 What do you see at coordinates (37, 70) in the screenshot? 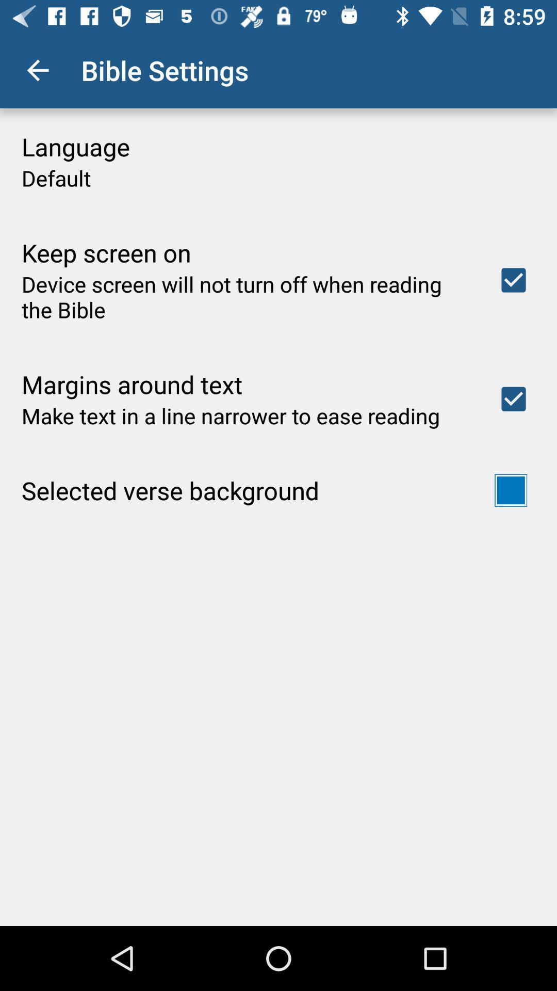
I see `icon next to bible settings icon` at bounding box center [37, 70].